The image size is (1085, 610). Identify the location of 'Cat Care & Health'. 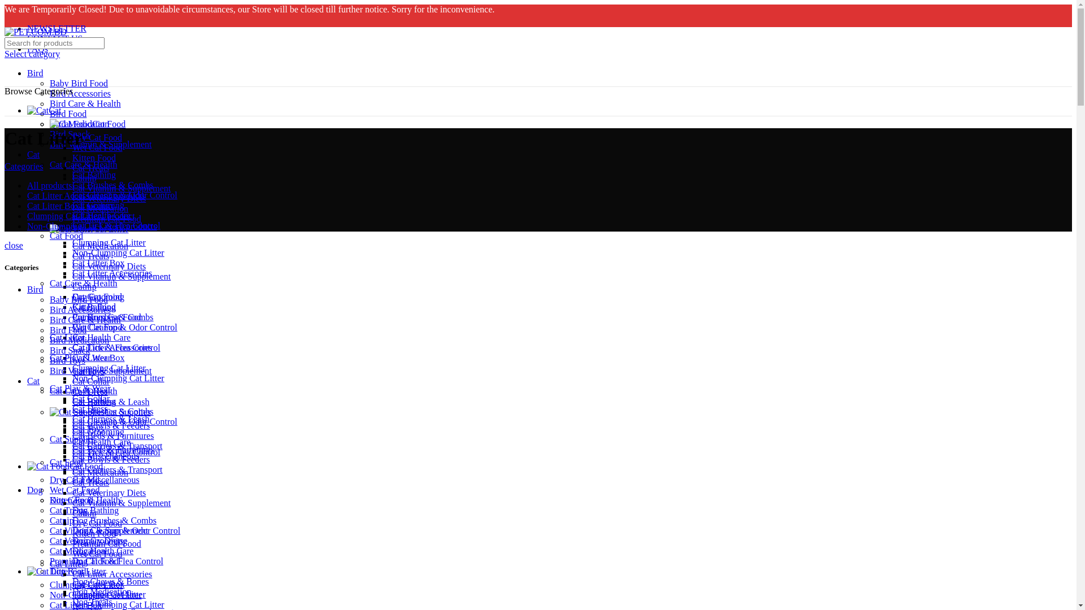
(49, 164).